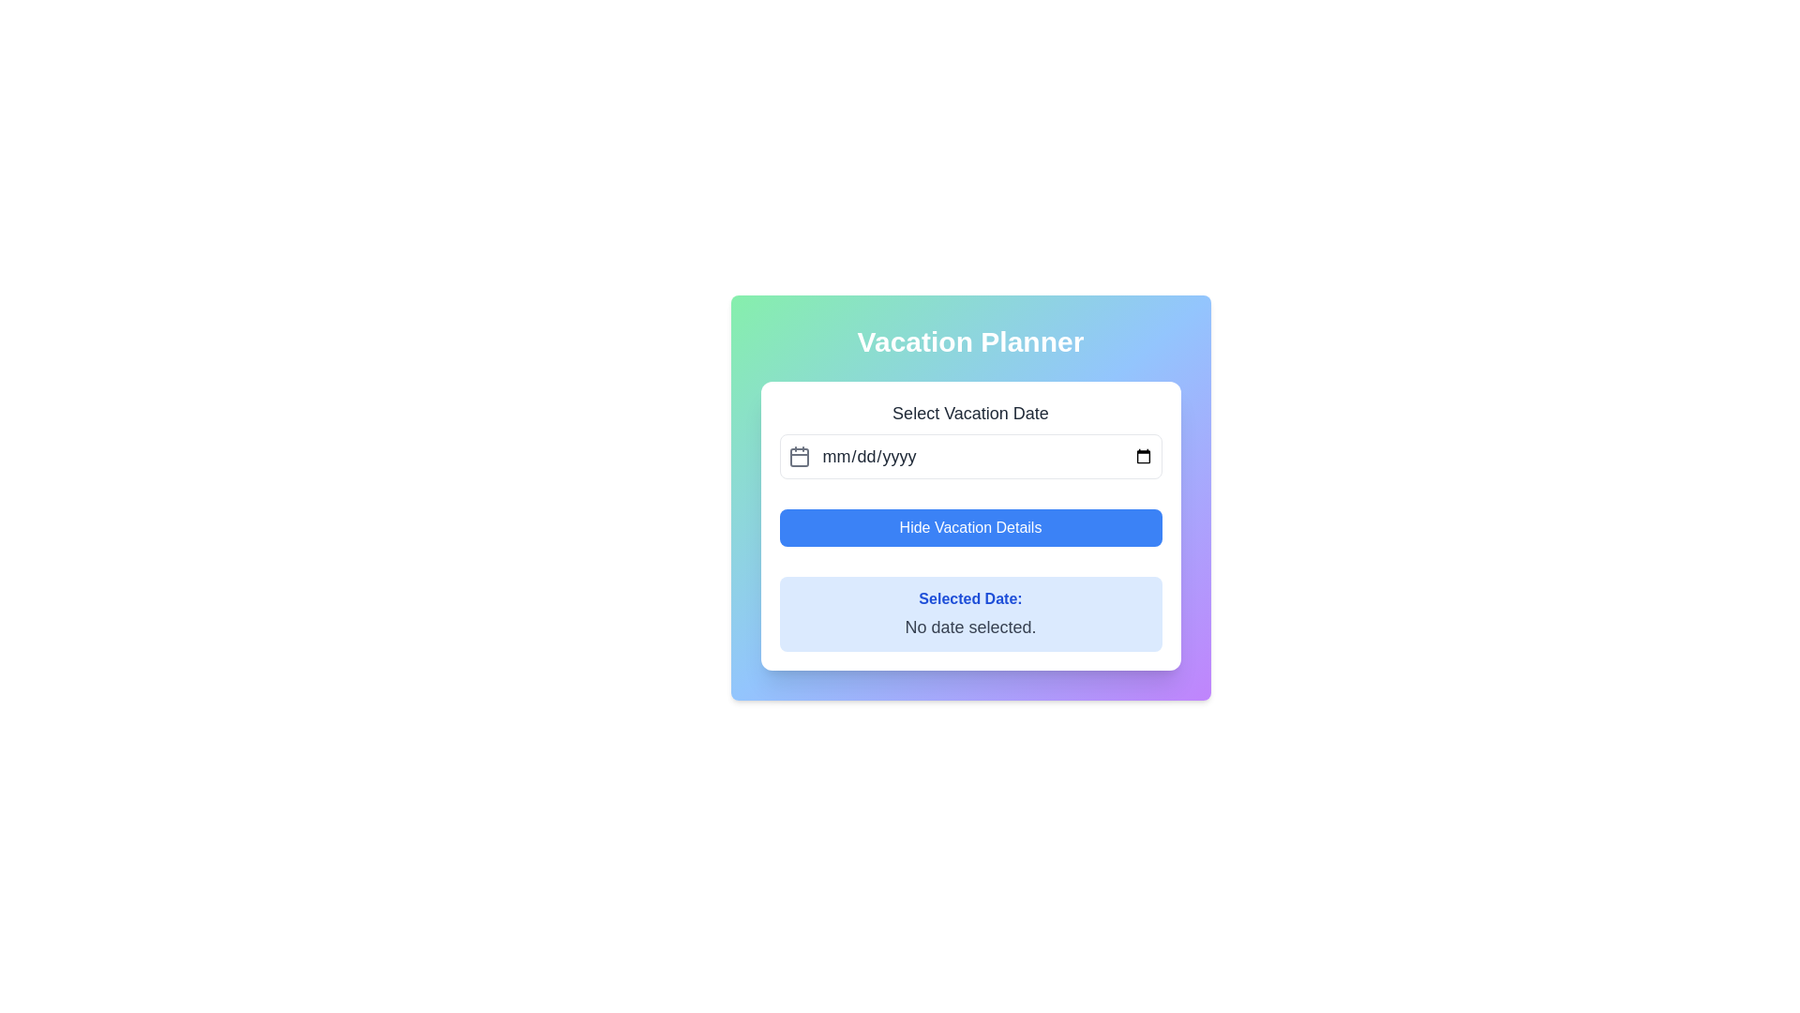 This screenshot has width=1800, height=1013. Describe the element at coordinates (970, 528) in the screenshot. I see `the 'Hide Vacation Details' button, which is a medium-sized rectangular button with rounded corners and a vibrant blue background` at that location.